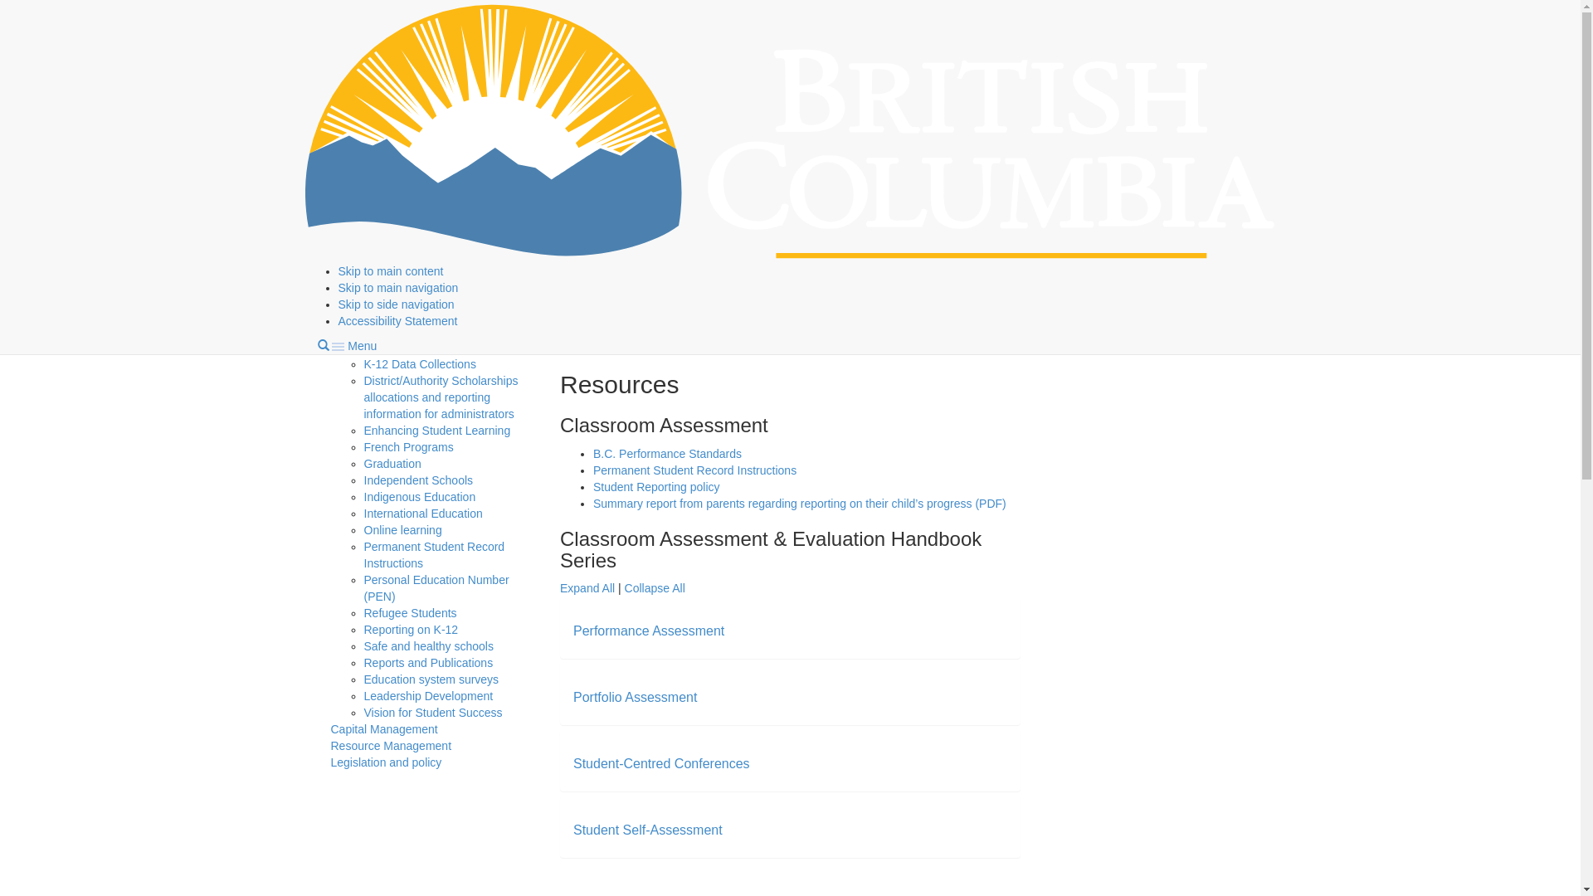 The image size is (1593, 896). Describe the element at coordinates (406, 347) in the screenshot. I see `'CommunityLINK'` at that location.